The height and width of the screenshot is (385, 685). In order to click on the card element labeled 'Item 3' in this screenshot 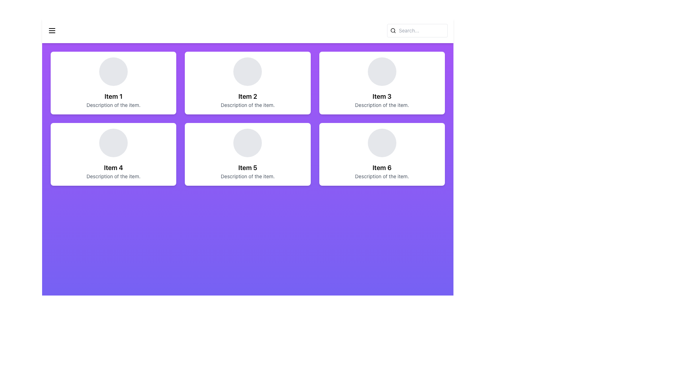, I will do `click(381, 82)`.